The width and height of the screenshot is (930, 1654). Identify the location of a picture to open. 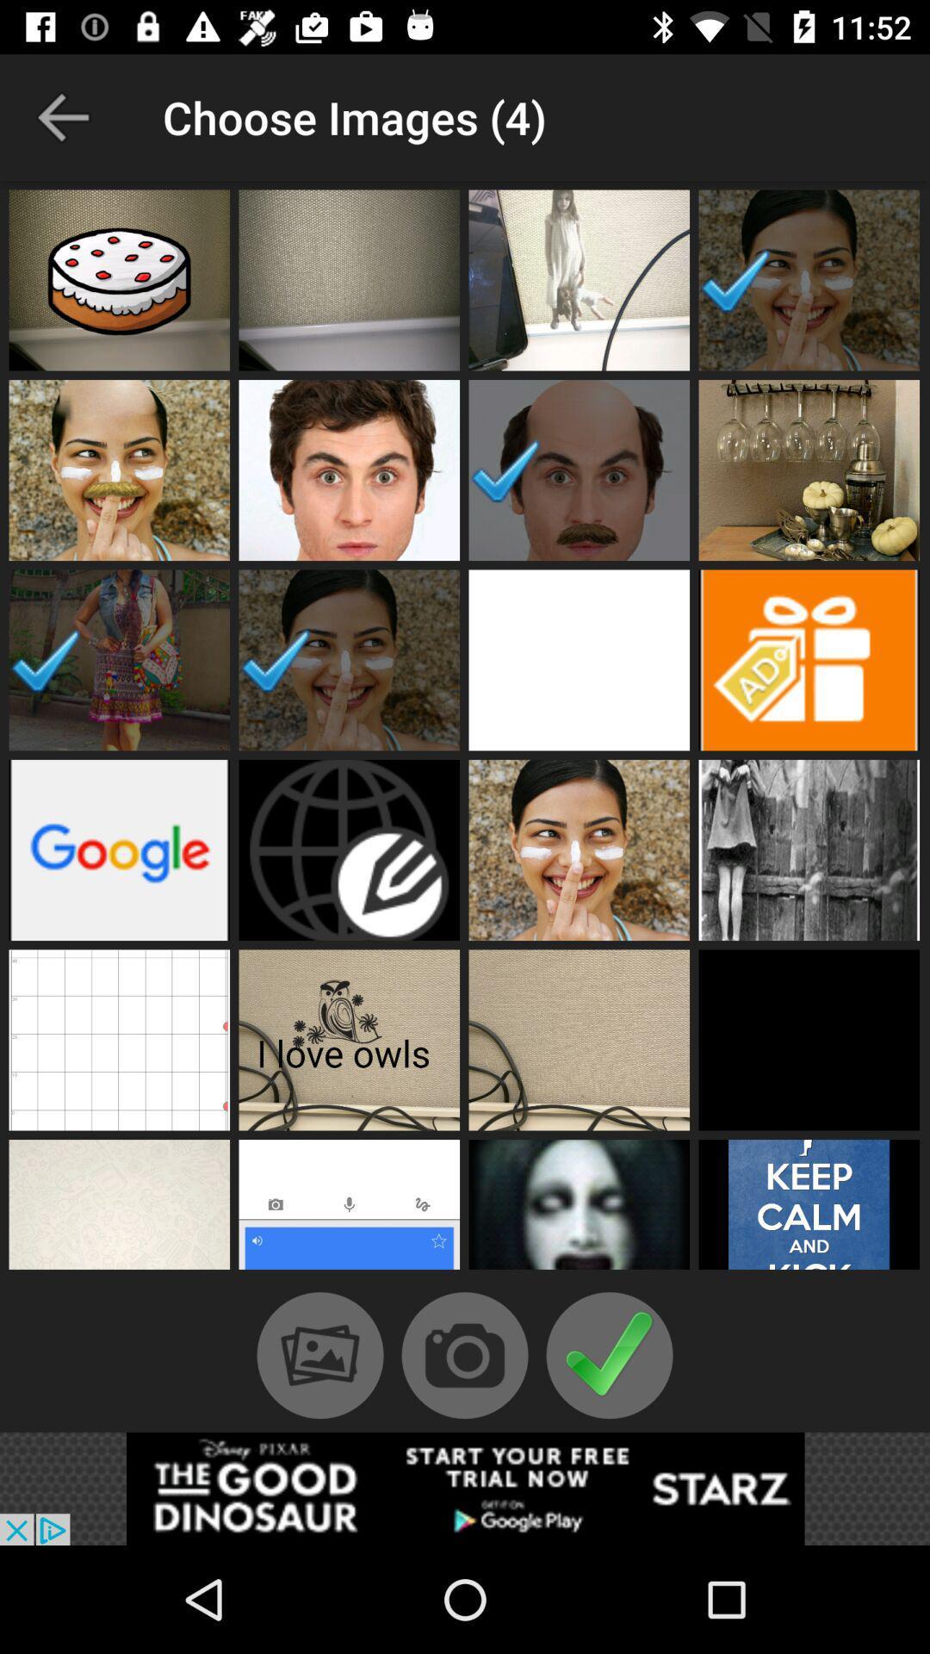
(579, 280).